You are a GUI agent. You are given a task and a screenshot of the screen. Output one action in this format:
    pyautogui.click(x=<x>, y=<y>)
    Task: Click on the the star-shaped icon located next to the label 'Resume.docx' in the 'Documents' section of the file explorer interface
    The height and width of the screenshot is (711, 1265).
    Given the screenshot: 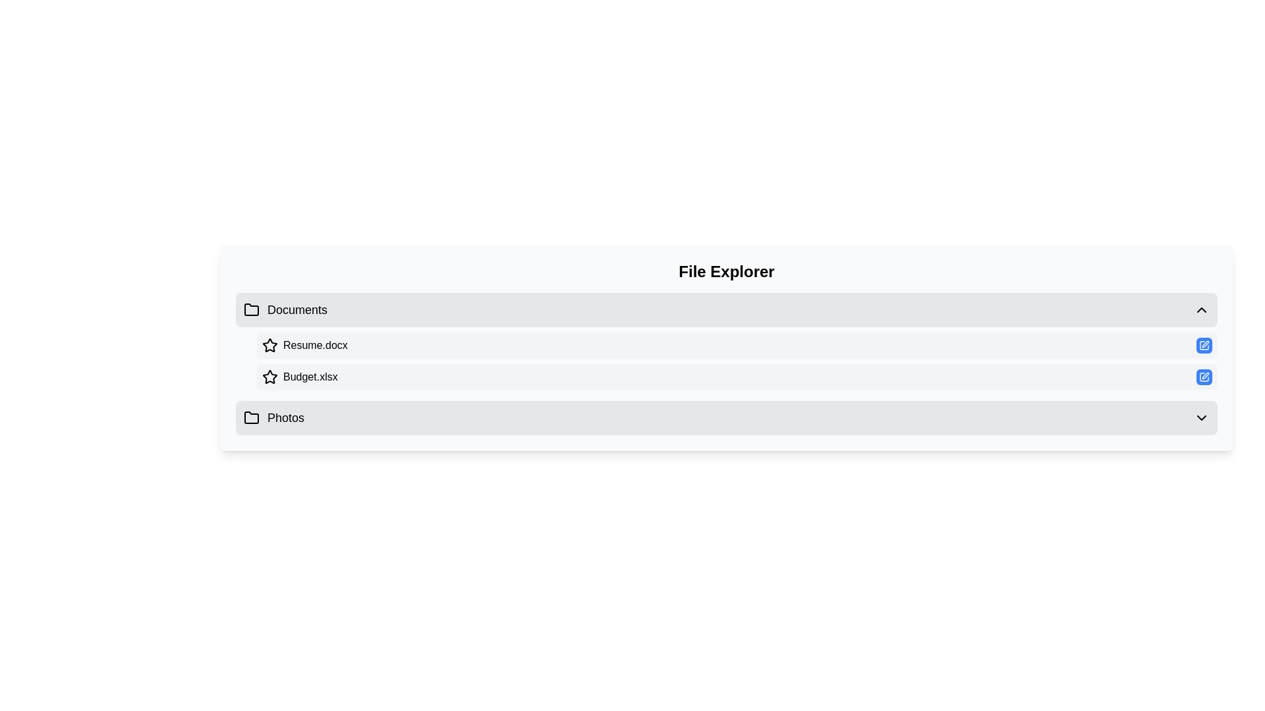 What is the action you would take?
    pyautogui.click(x=269, y=344)
    